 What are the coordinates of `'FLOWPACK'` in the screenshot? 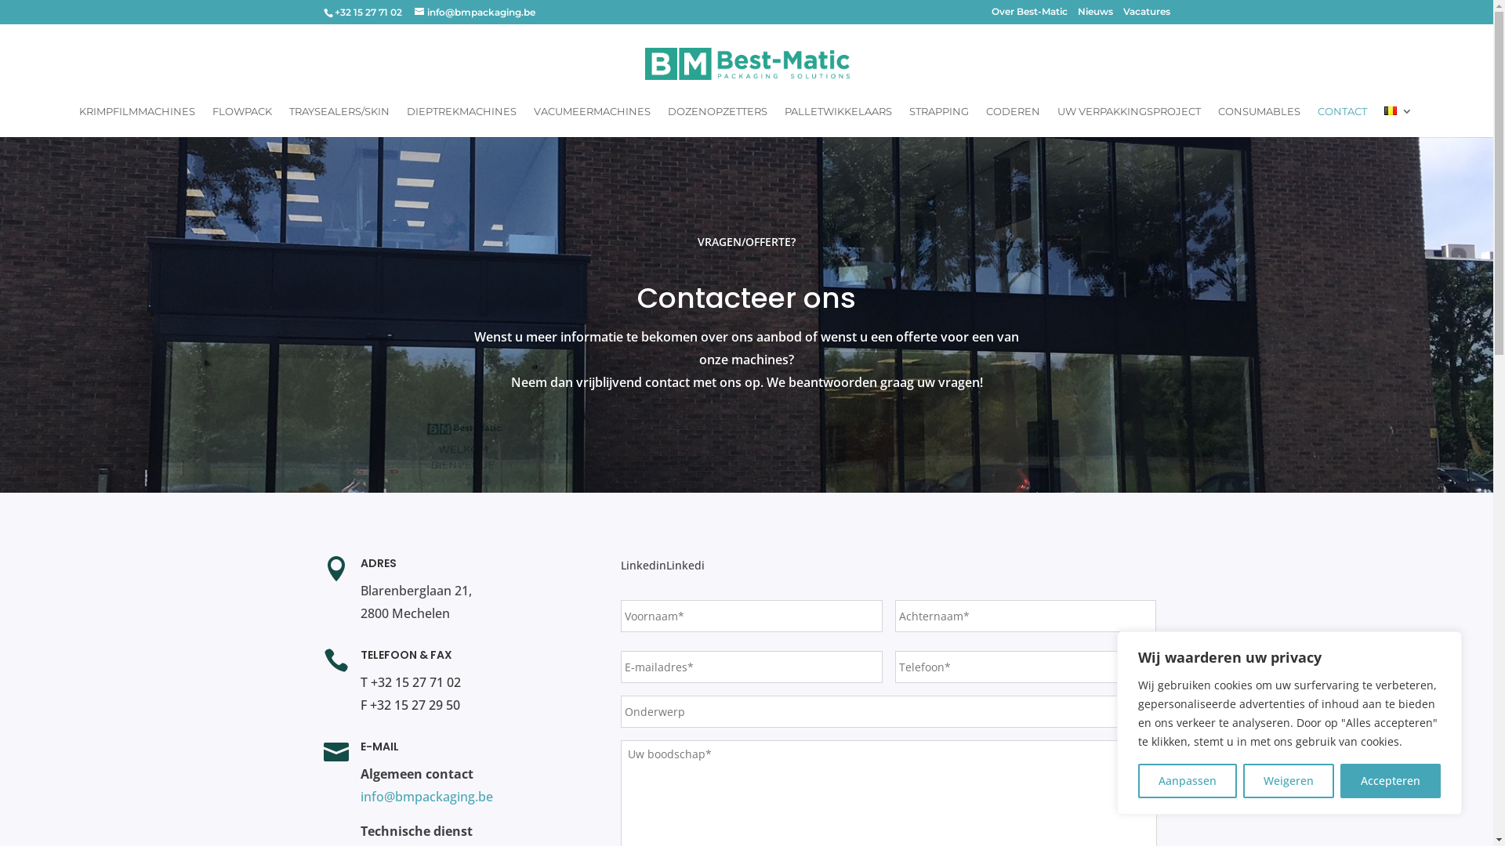 It's located at (211, 120).